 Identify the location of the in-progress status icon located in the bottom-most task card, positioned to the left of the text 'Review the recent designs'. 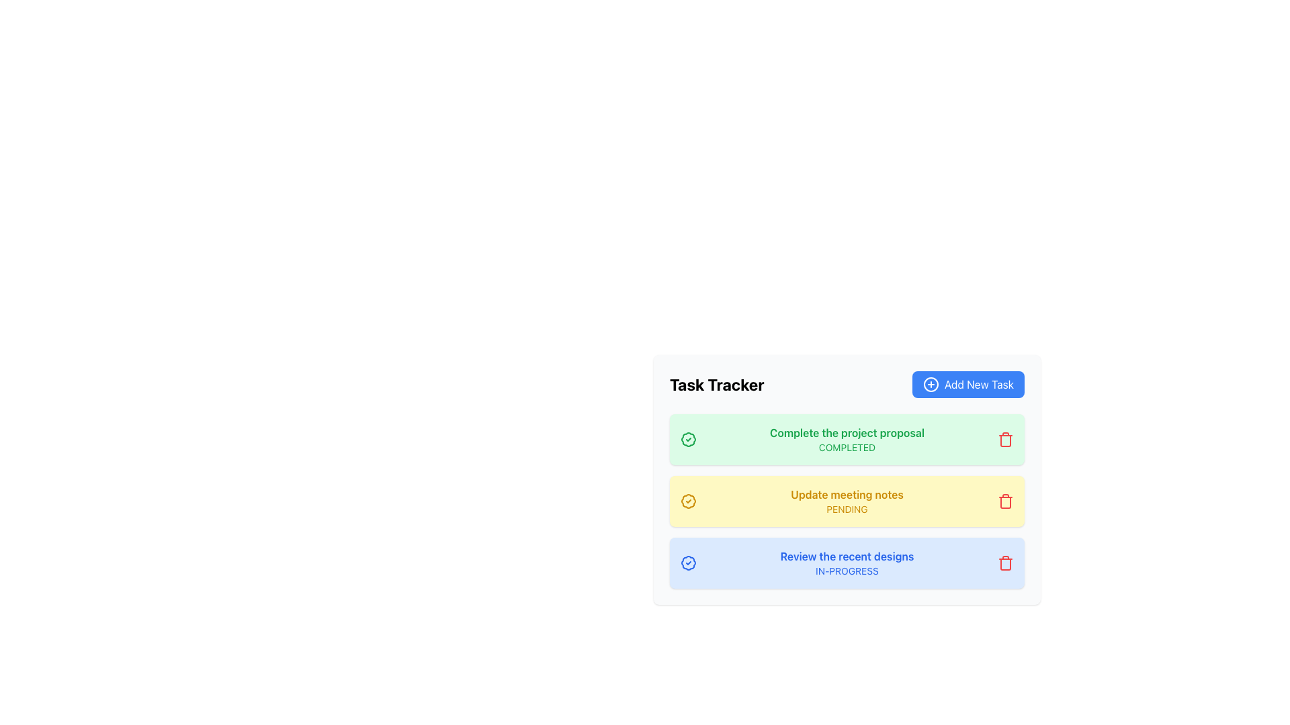
(689, 563).